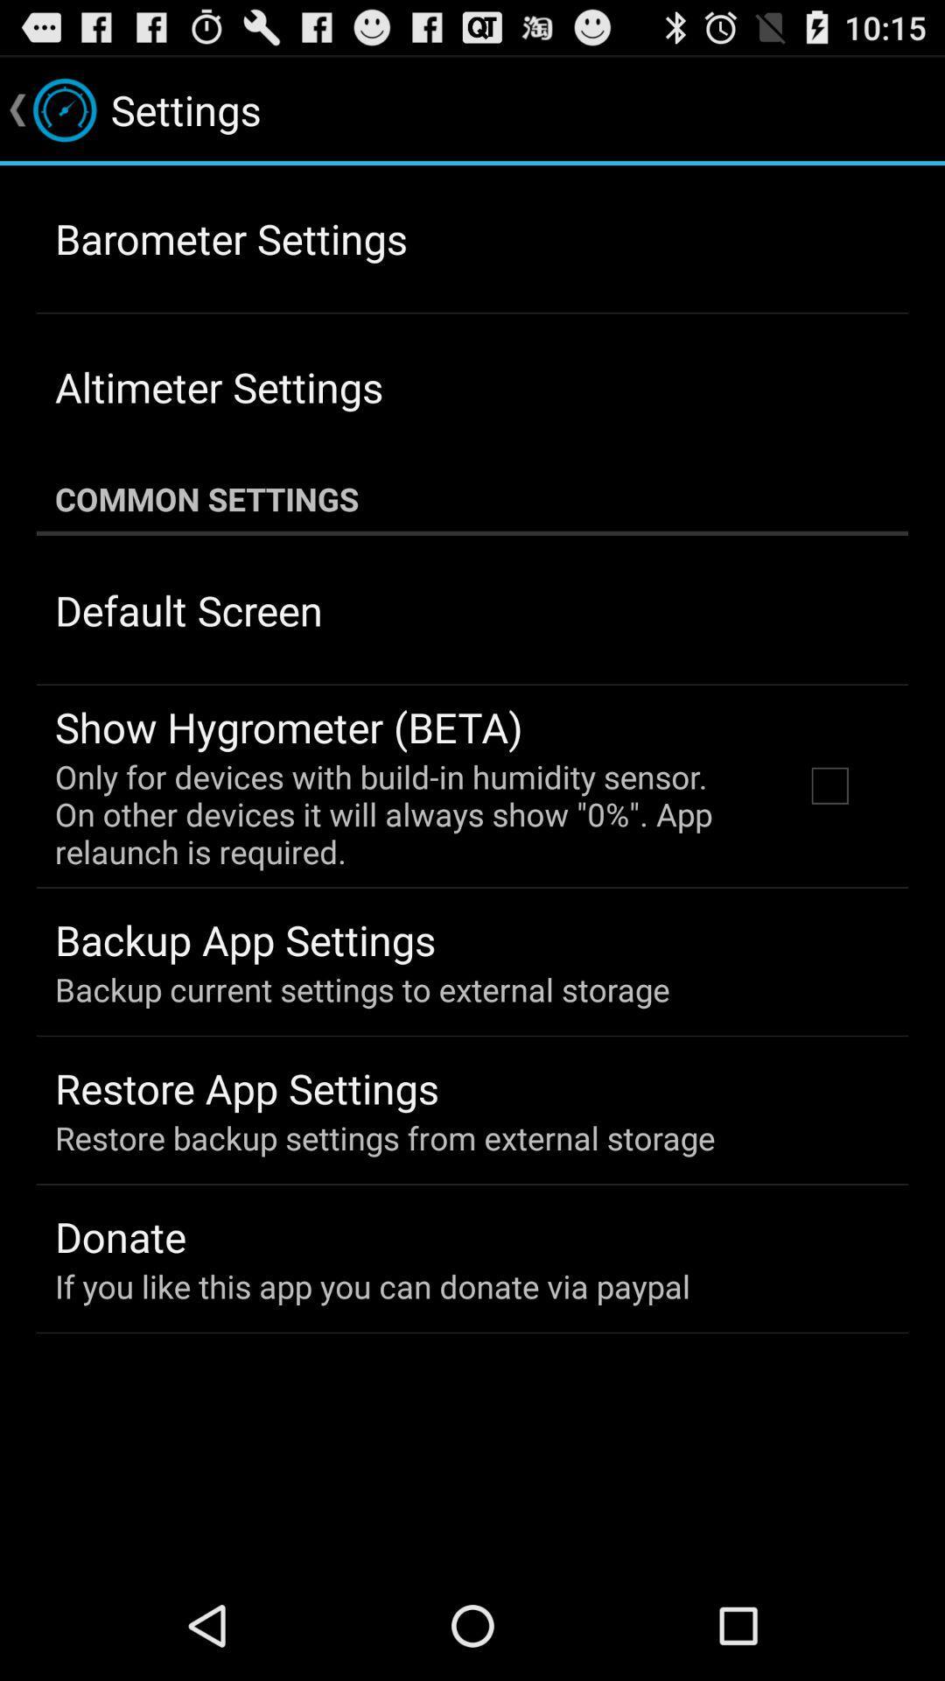 This screenshot has height=1681, width=945. Describe the element at coordinates (472, 498) in the screenshot. I see `the item above default screen item` at that location.